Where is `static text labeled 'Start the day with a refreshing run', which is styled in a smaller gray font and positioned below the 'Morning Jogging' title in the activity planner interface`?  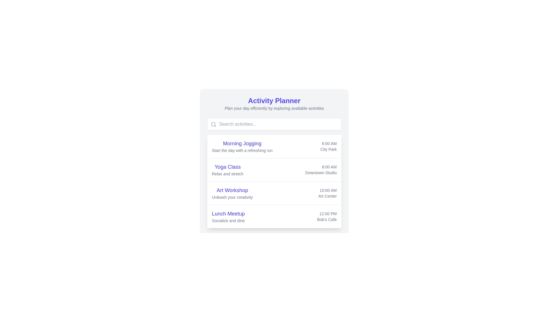
static text labeled 'Start the day with a refreshing run', which is styled in a smaller gray font and positioned below the 'Morning Jogging' title in the activity planner interface is located at coordinates (242, 150).